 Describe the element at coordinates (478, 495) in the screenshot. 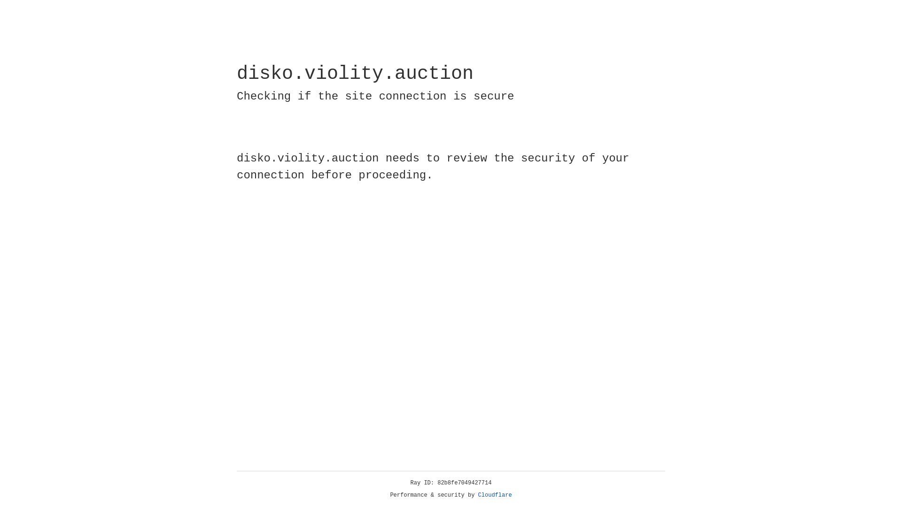

I see `'Cloudflare'` at that location.